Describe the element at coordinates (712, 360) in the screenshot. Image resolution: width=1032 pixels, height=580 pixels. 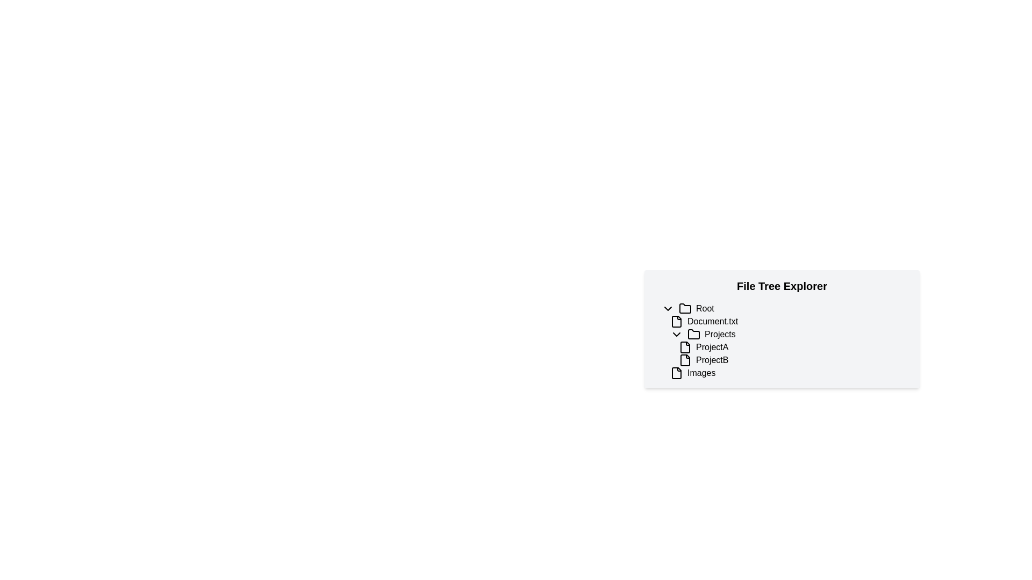
I see `the text label 'ProjectB'` at that location.